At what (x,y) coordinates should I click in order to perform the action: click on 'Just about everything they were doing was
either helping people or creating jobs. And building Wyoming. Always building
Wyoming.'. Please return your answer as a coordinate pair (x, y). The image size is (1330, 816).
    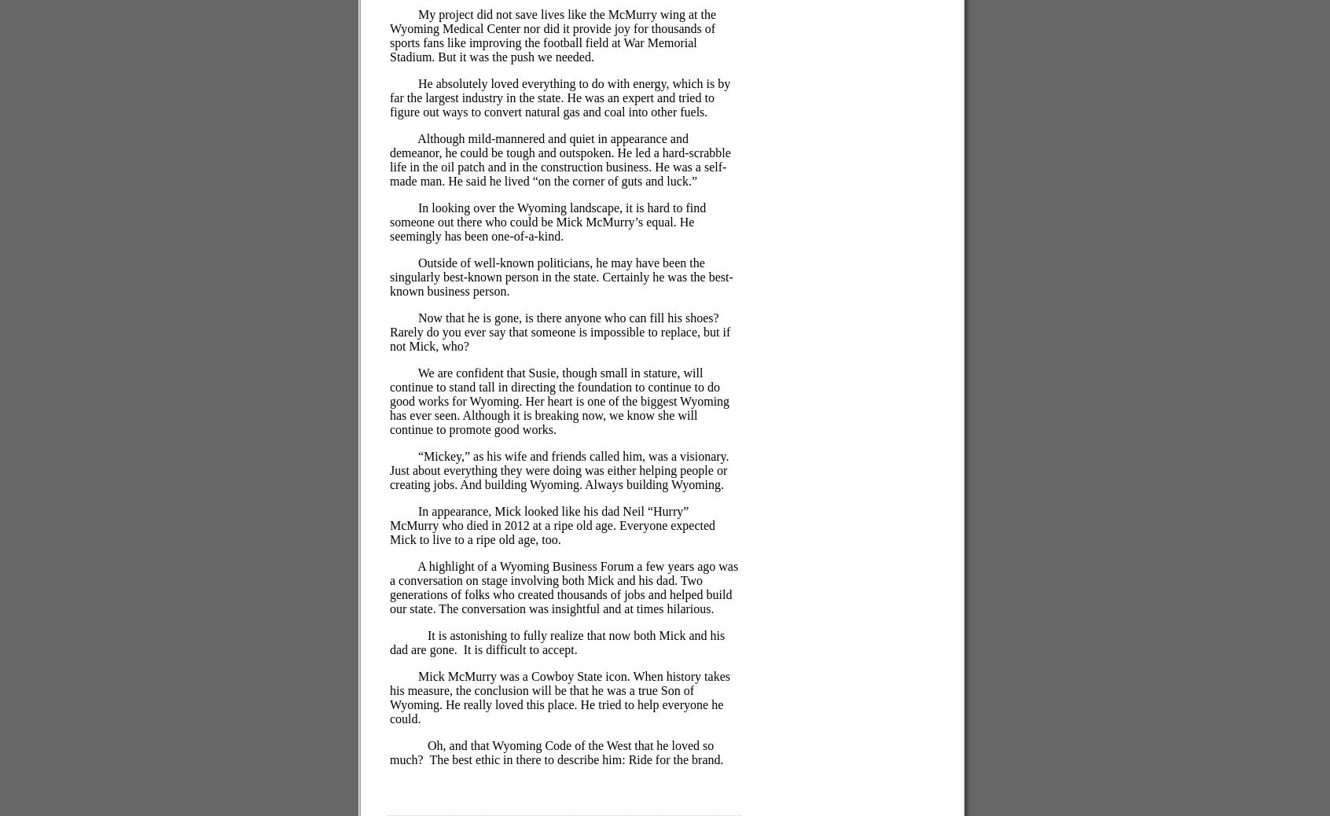
    Looking at the image, I should click on (557, 476).